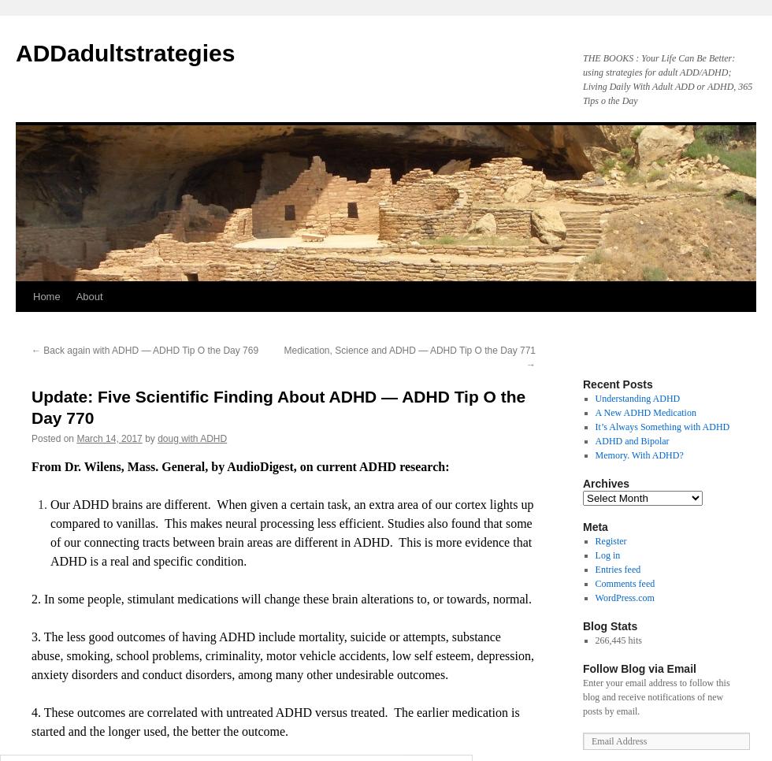  I want to click on 'Follow Blog via Email', so click(639, 668).